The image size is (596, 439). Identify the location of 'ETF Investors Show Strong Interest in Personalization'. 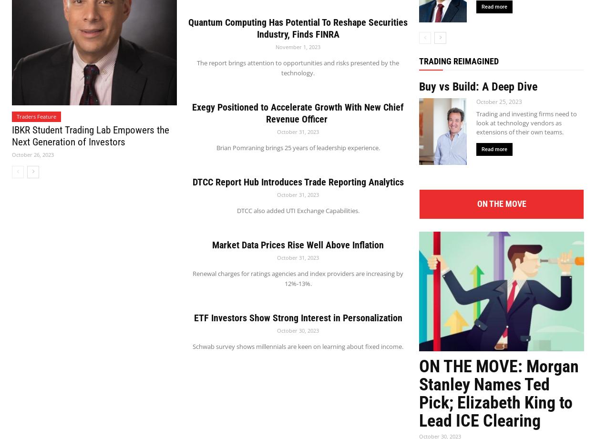
(297, 317).